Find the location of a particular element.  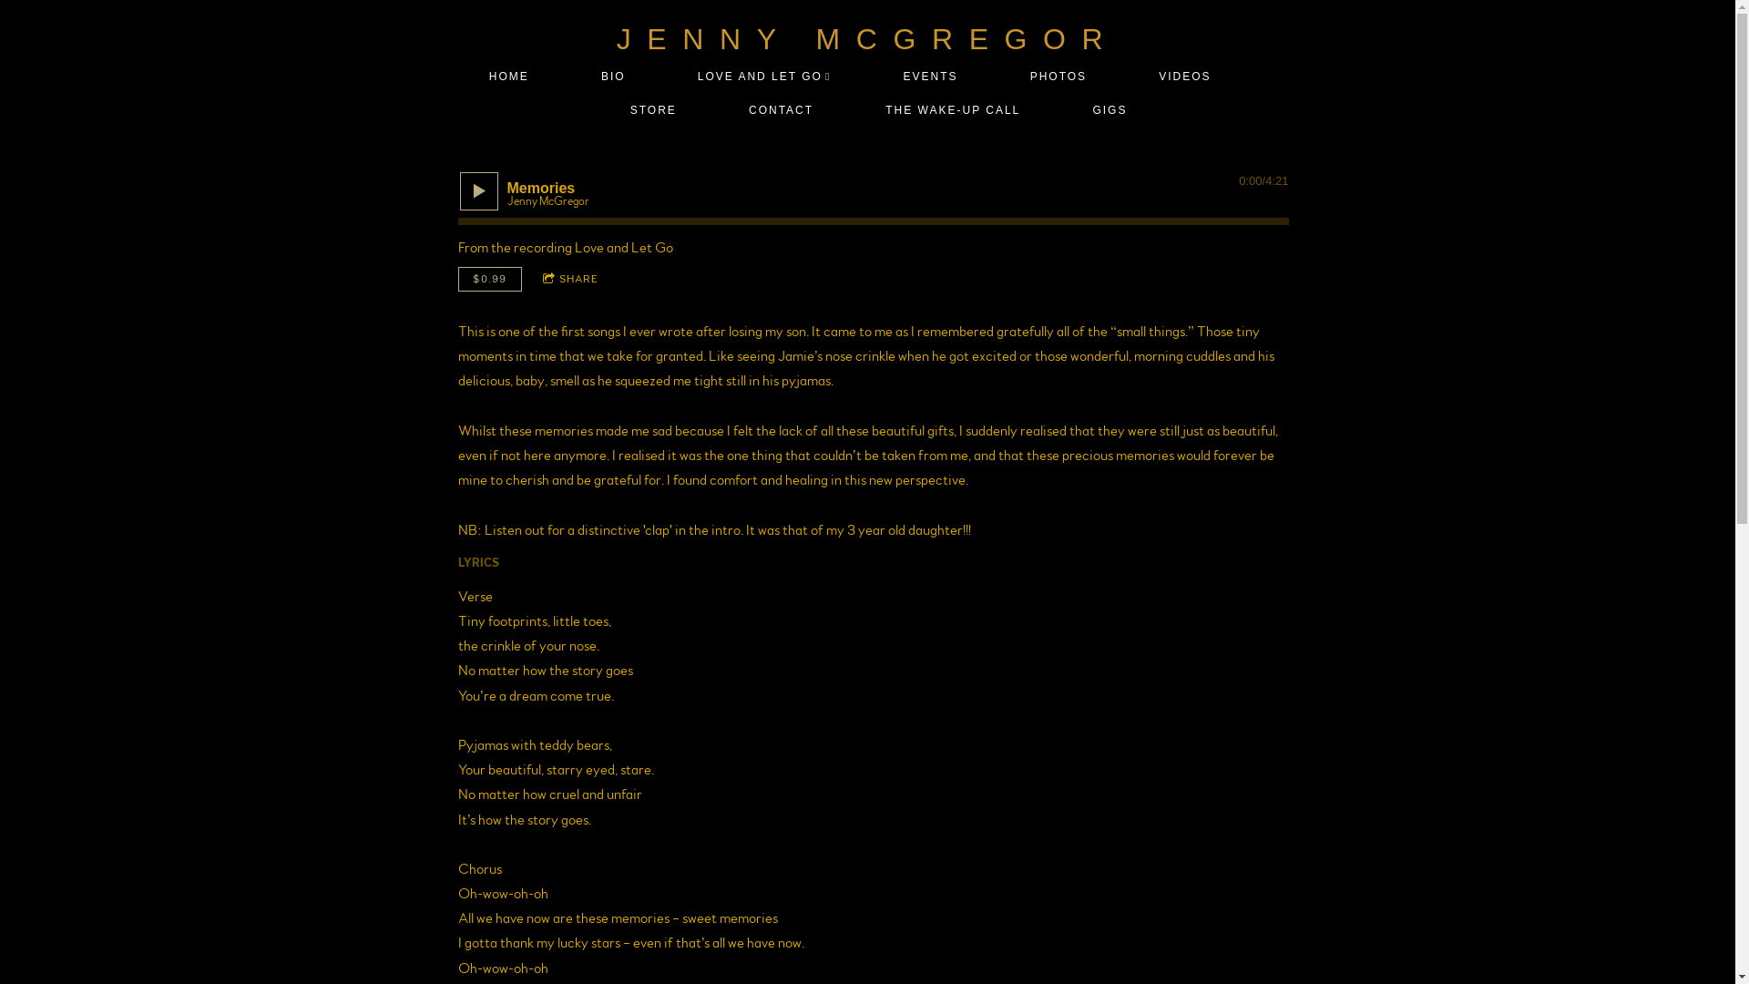

'THE WAKE-UP CALL' is located at coordinates (952, 110).